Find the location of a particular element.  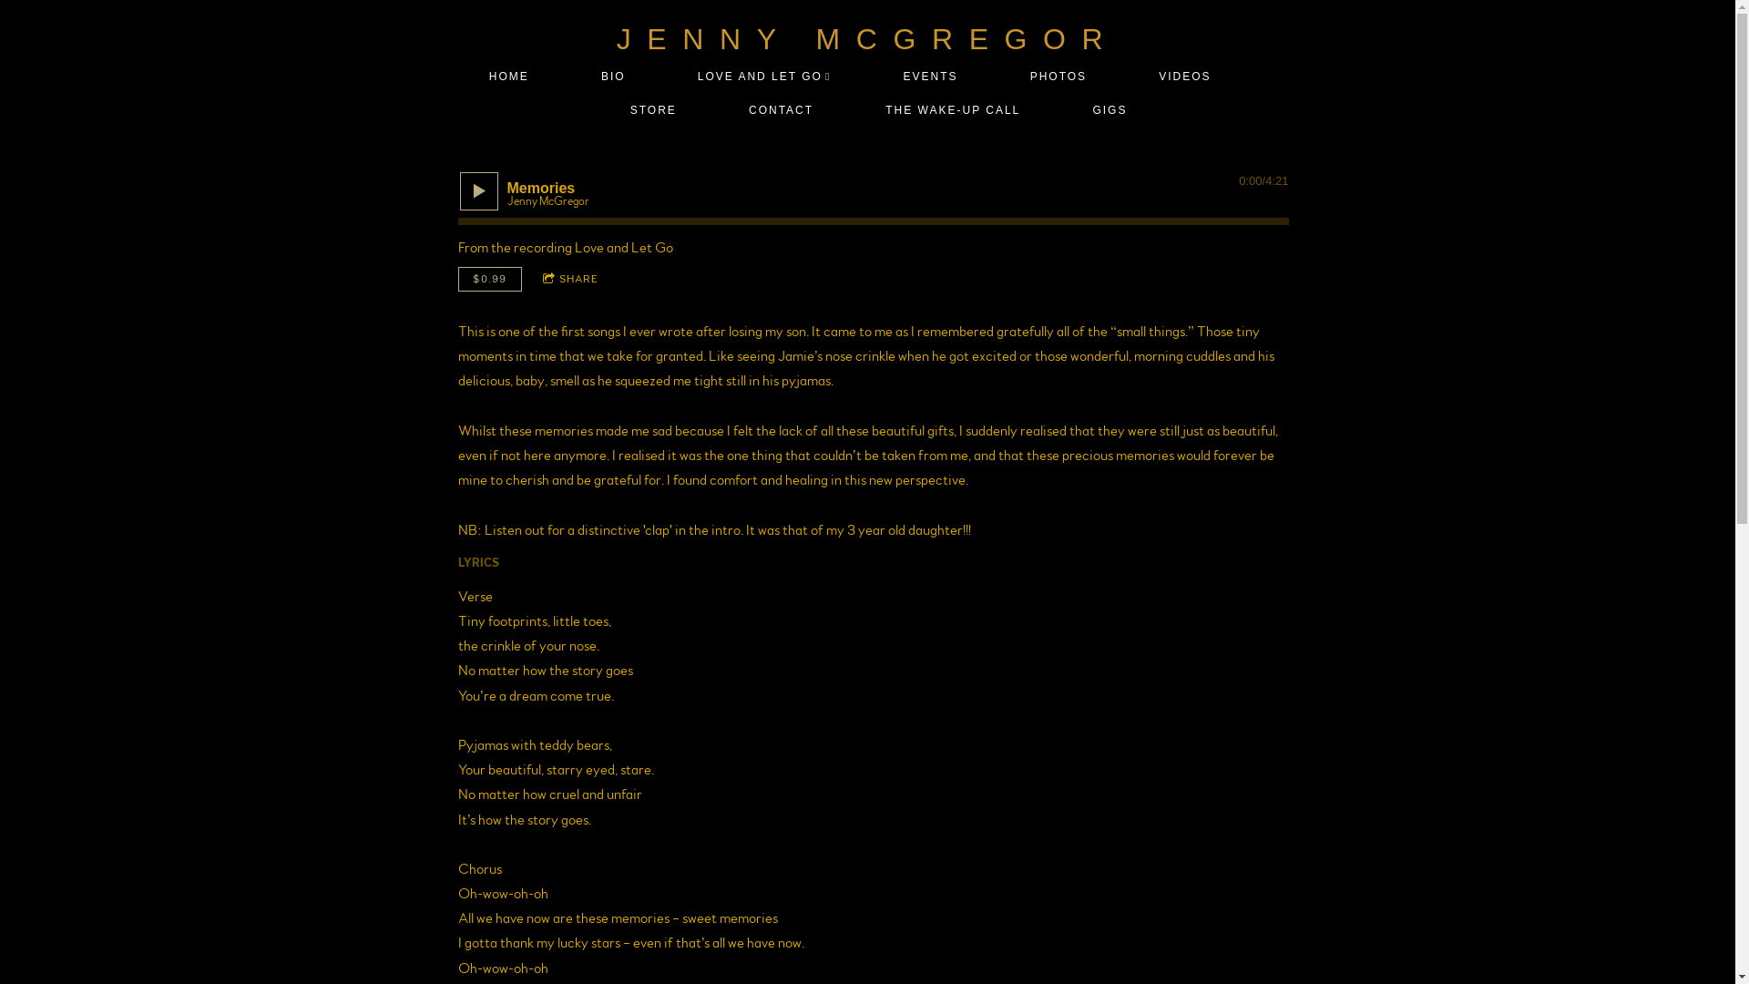

'THE WAKE-UP CALL' is located at coordinates (952, 110).